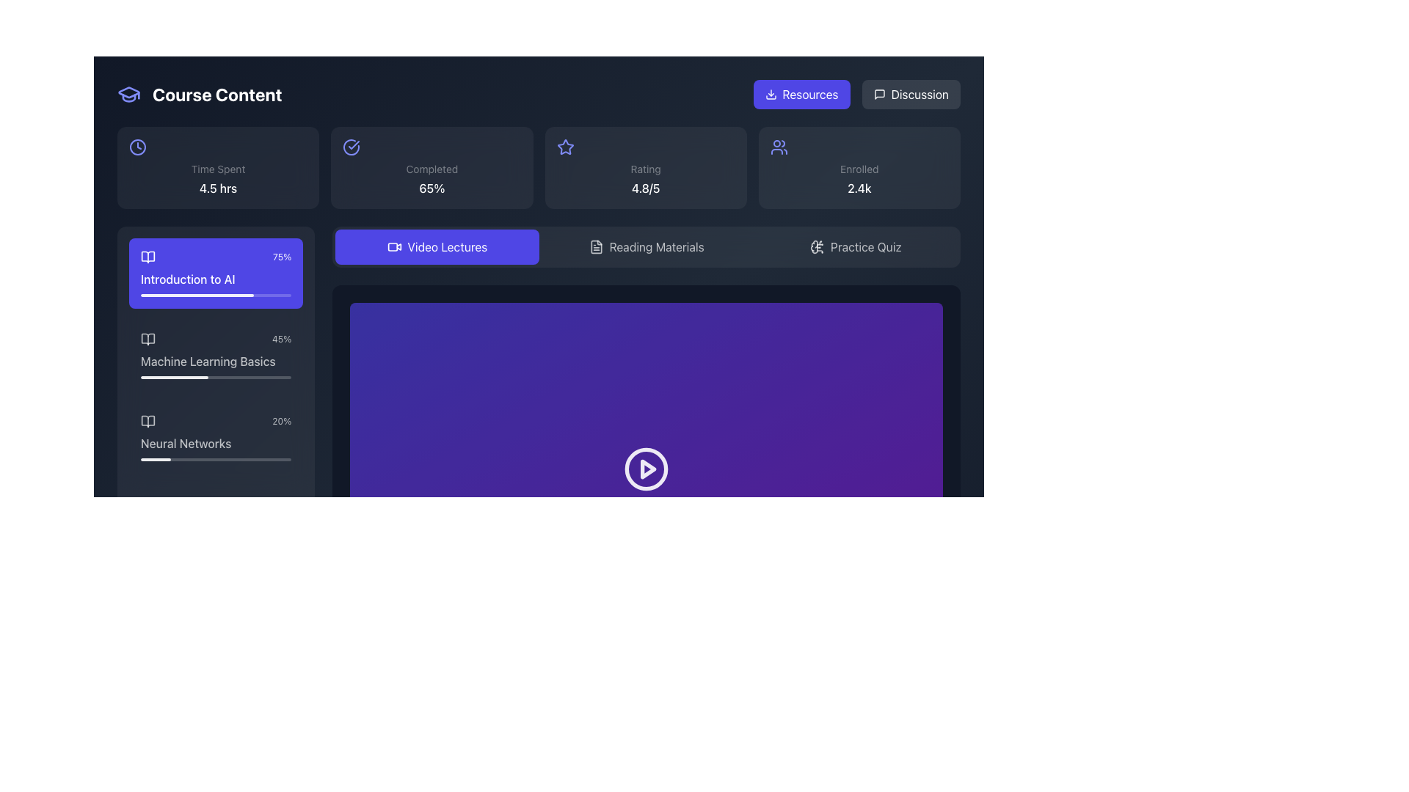 The width and height of the screenshot is (1409, 792). I want to click on the central circle of the clock icon located in the 'Time Spent 4.5 hrs' section, so click(137, 147).